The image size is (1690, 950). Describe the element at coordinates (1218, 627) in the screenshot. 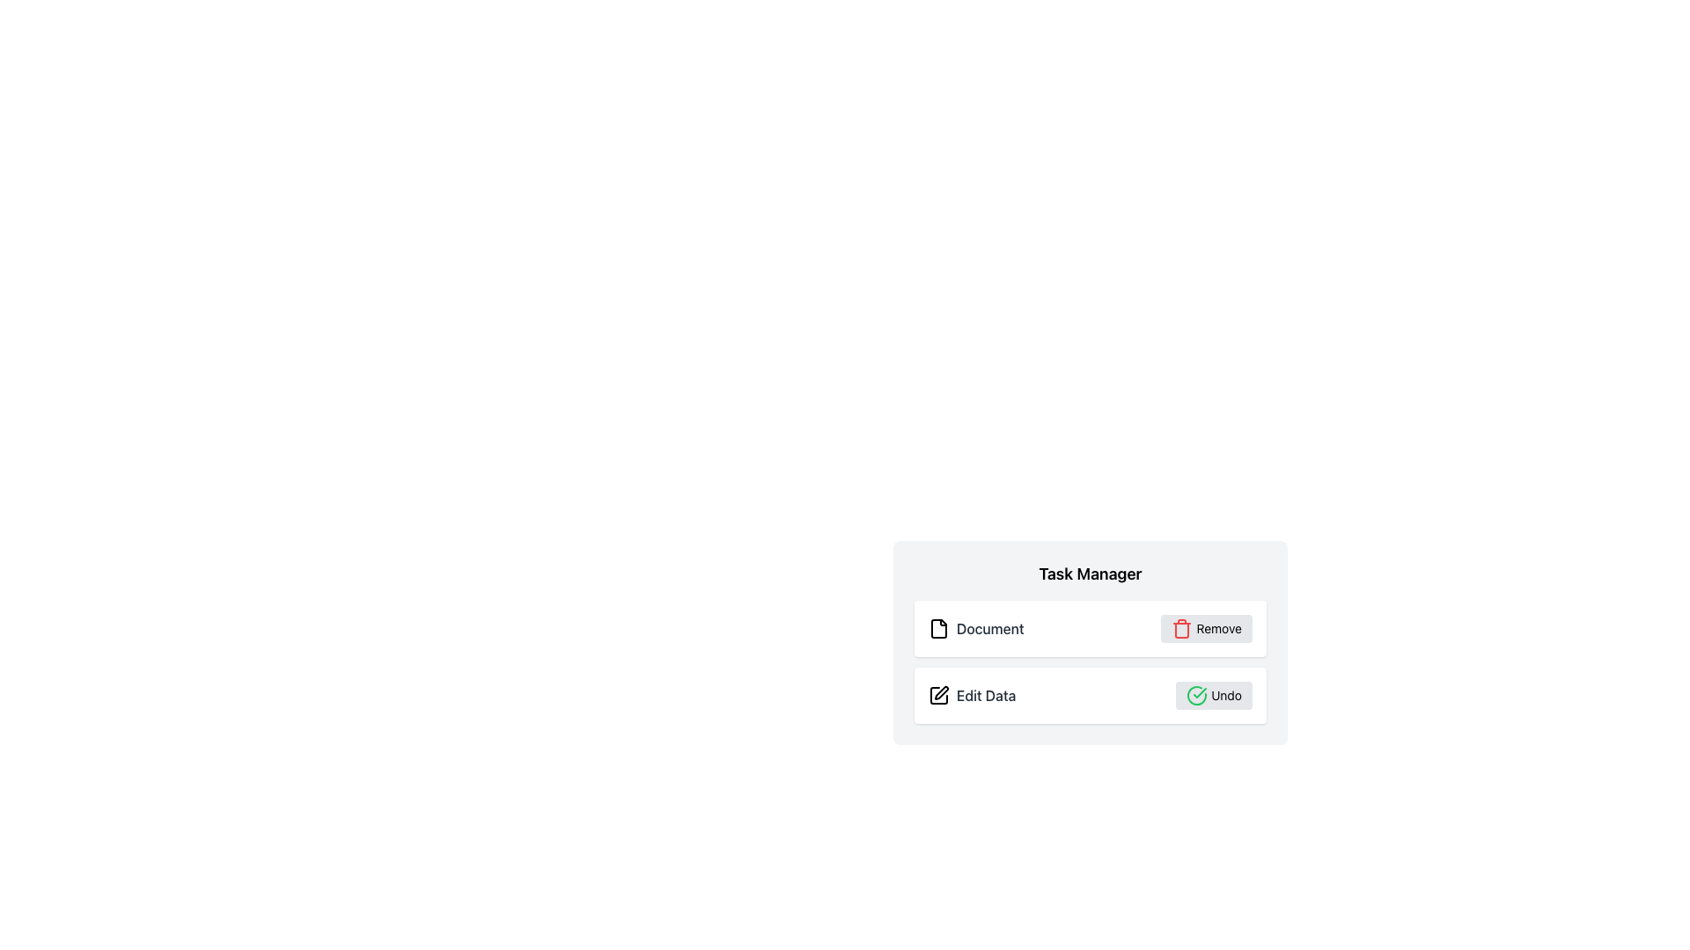

I see `the 'Remove' text label located to the right of the red trash can icon within the button group in the 'Task Manager' section` at that location.